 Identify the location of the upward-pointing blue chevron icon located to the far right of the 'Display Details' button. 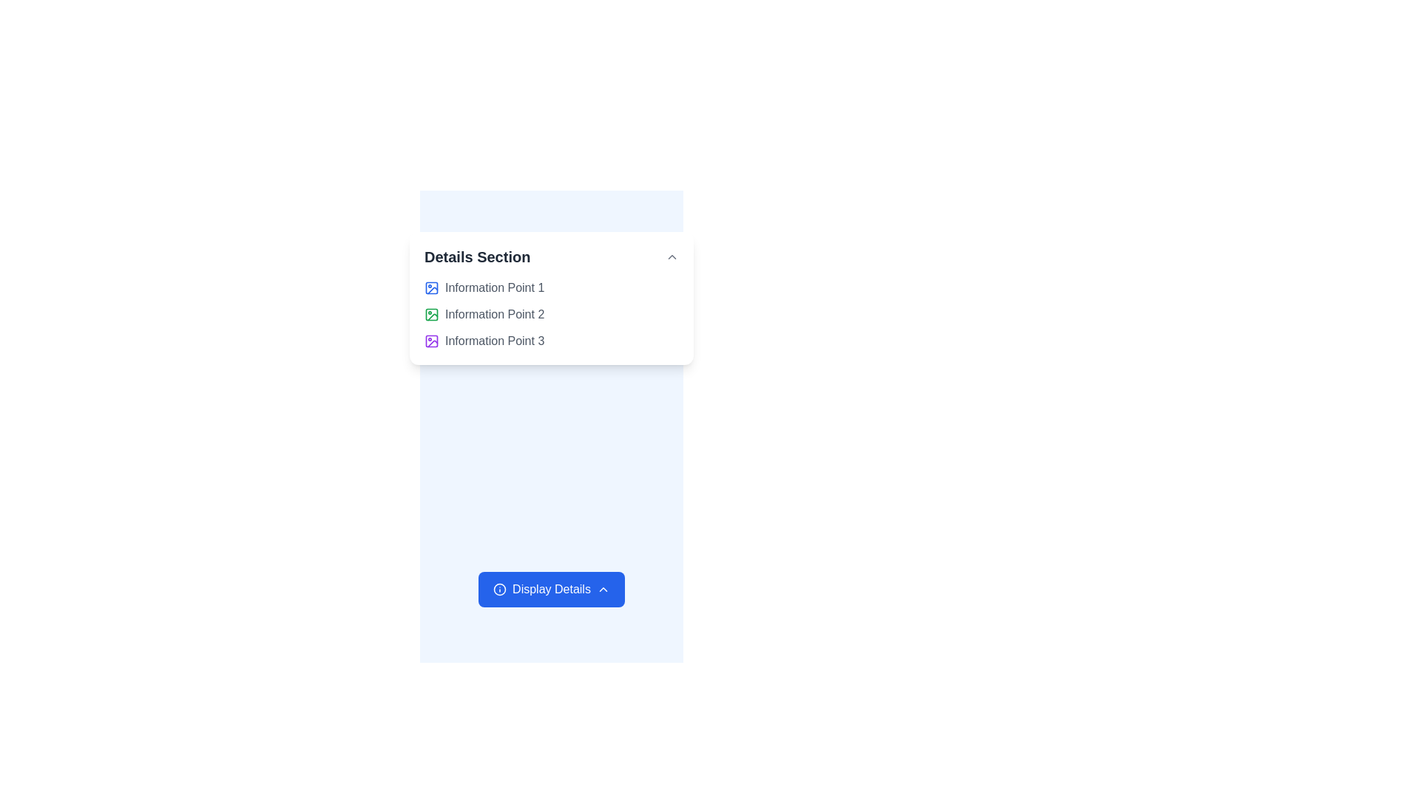
(603, 589).